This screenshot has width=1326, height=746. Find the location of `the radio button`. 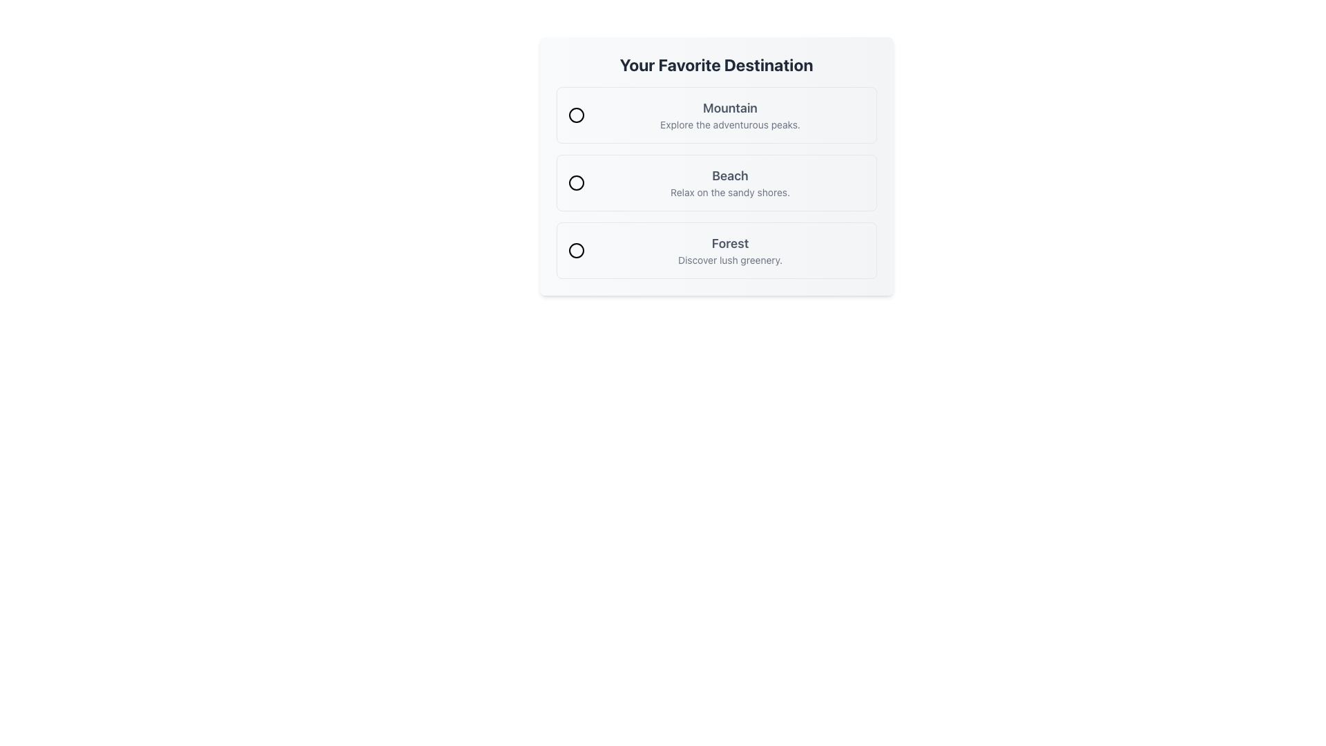

the radio button is located at coordinates (716, 250).